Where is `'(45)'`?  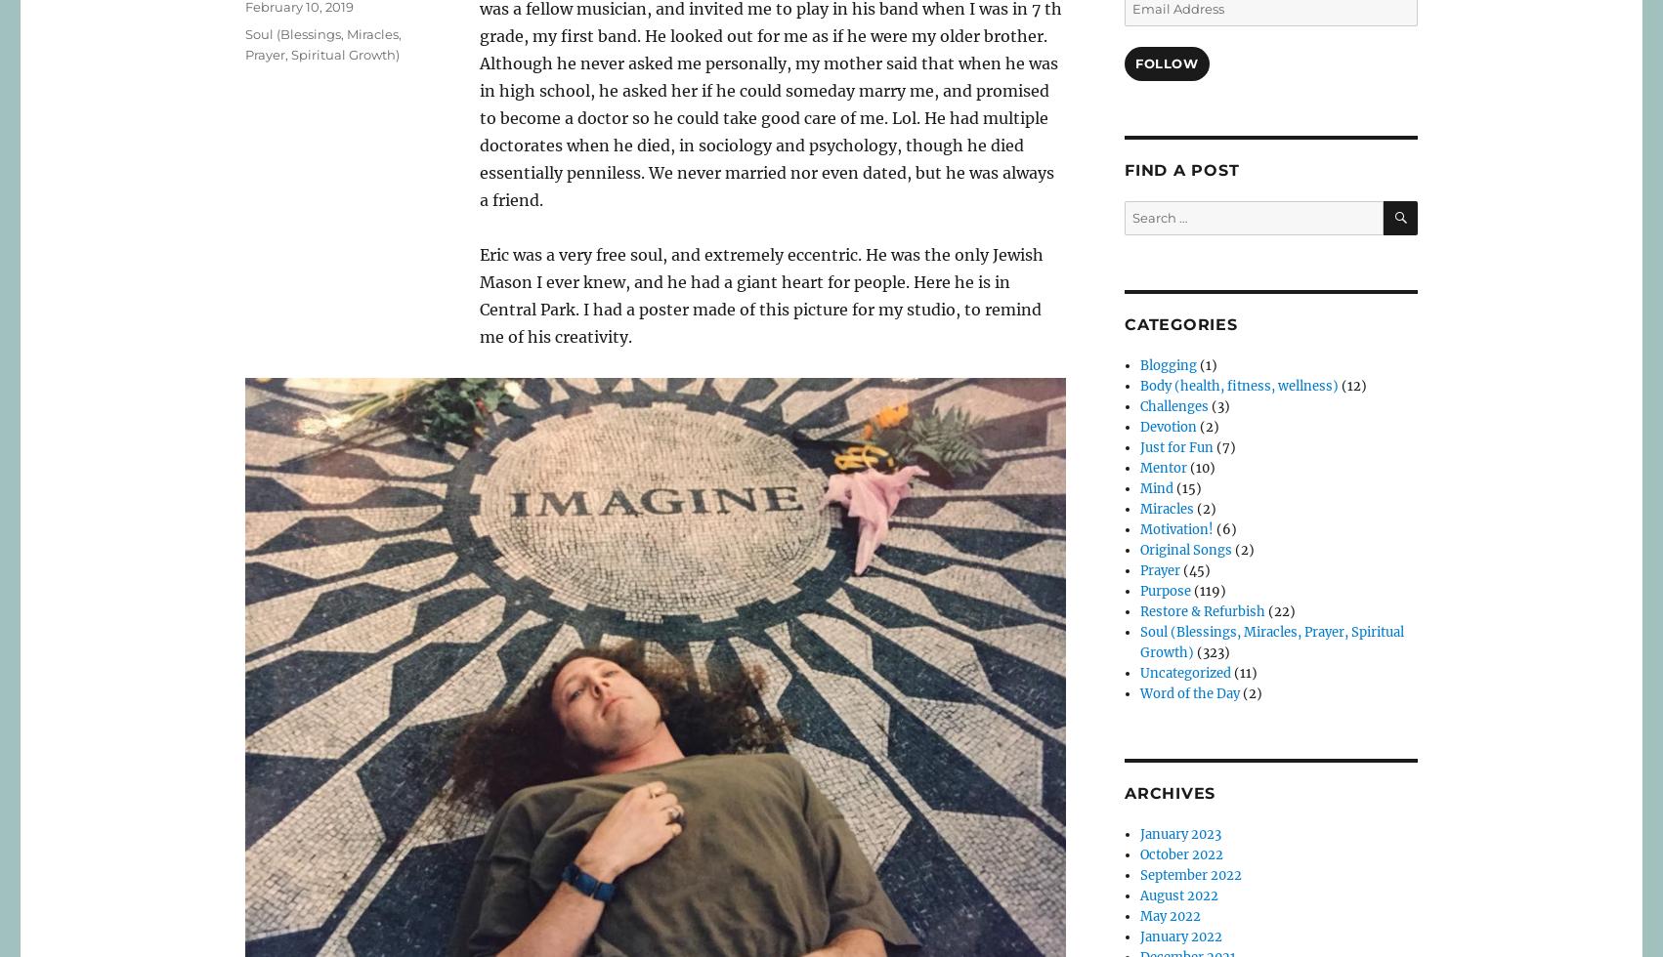
'(45)' is located at coordinates (1195, 570).